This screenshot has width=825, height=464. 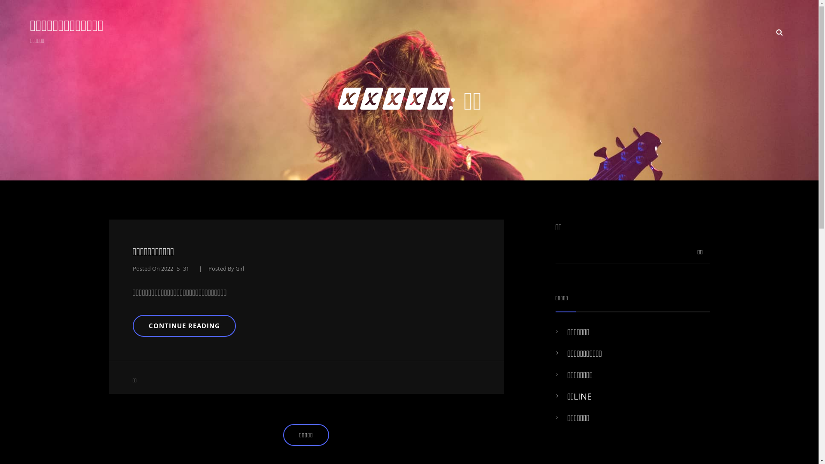 I want to click on 'Girl', so click(x=239, y=268).